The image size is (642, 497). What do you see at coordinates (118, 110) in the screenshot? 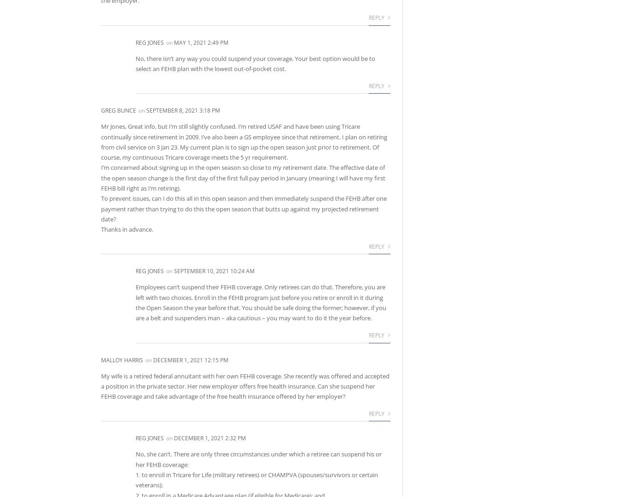
I see `'Greg Bunce'` at bounding box center [118, 110].